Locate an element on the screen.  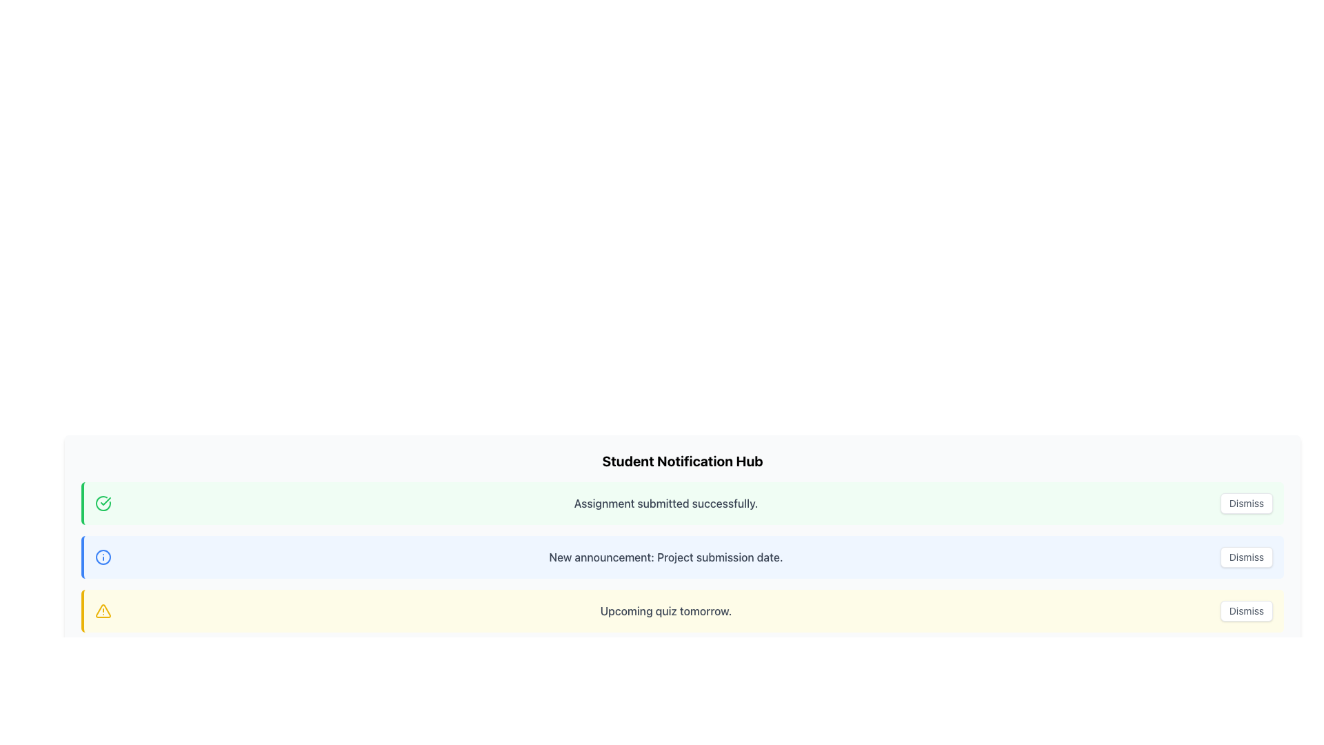
the details of the checkmark within the circular icon of the first notification entry, which indicates that the notification for 'Assignment submitted successfully' is completed is located at coordinates (105, 501).